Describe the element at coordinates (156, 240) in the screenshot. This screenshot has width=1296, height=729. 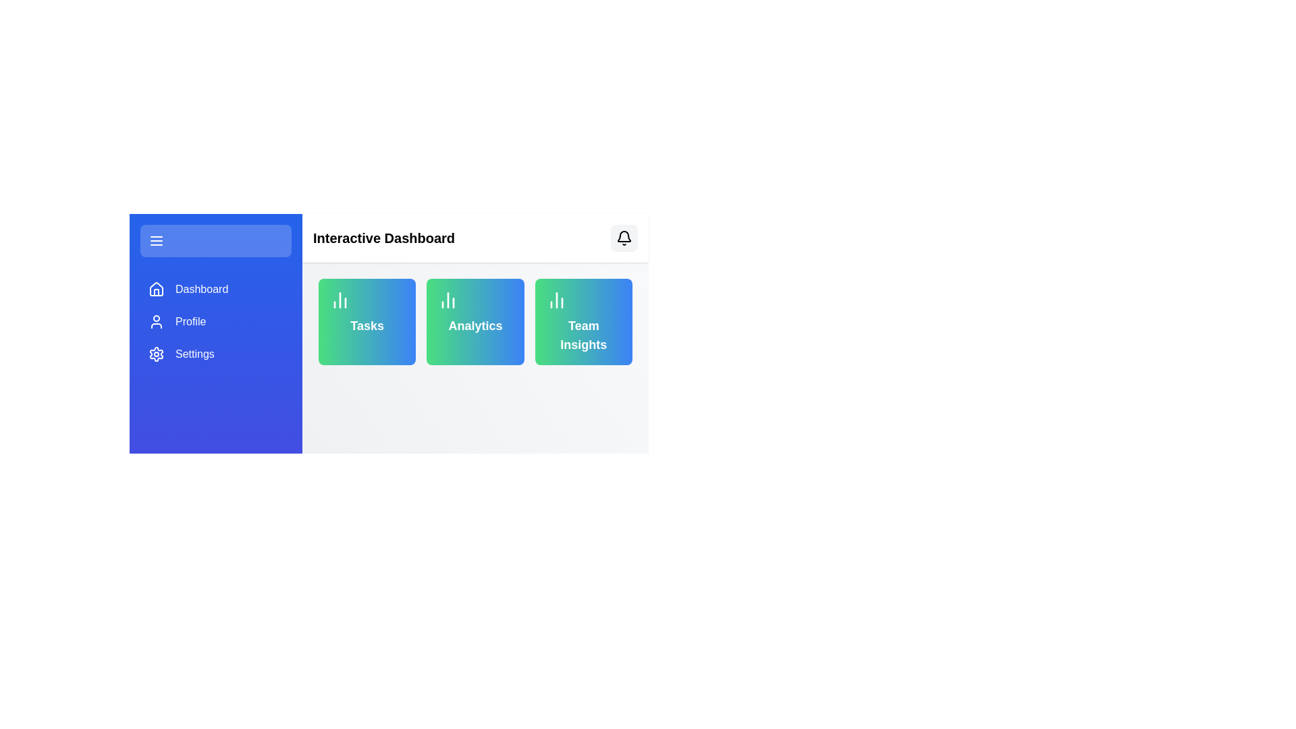
I see `the menu icon located at the top of the left sidebar, which serves as a toggle for the sidebar or navigation options` at that location.